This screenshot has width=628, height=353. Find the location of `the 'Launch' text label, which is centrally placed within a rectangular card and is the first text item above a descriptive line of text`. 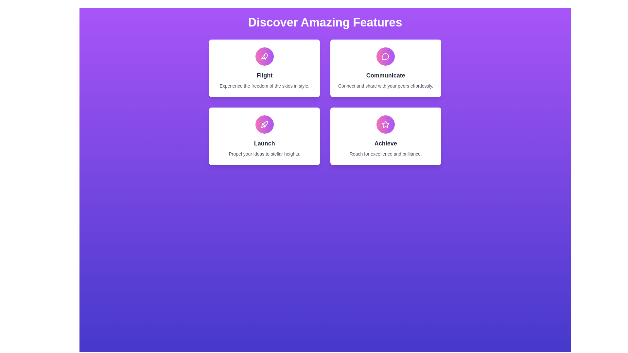

the 'Launch' text label, which is centrally placed within a rectangular card and is the first text item above a descriptive line of text is located at coordinates (264, 143).